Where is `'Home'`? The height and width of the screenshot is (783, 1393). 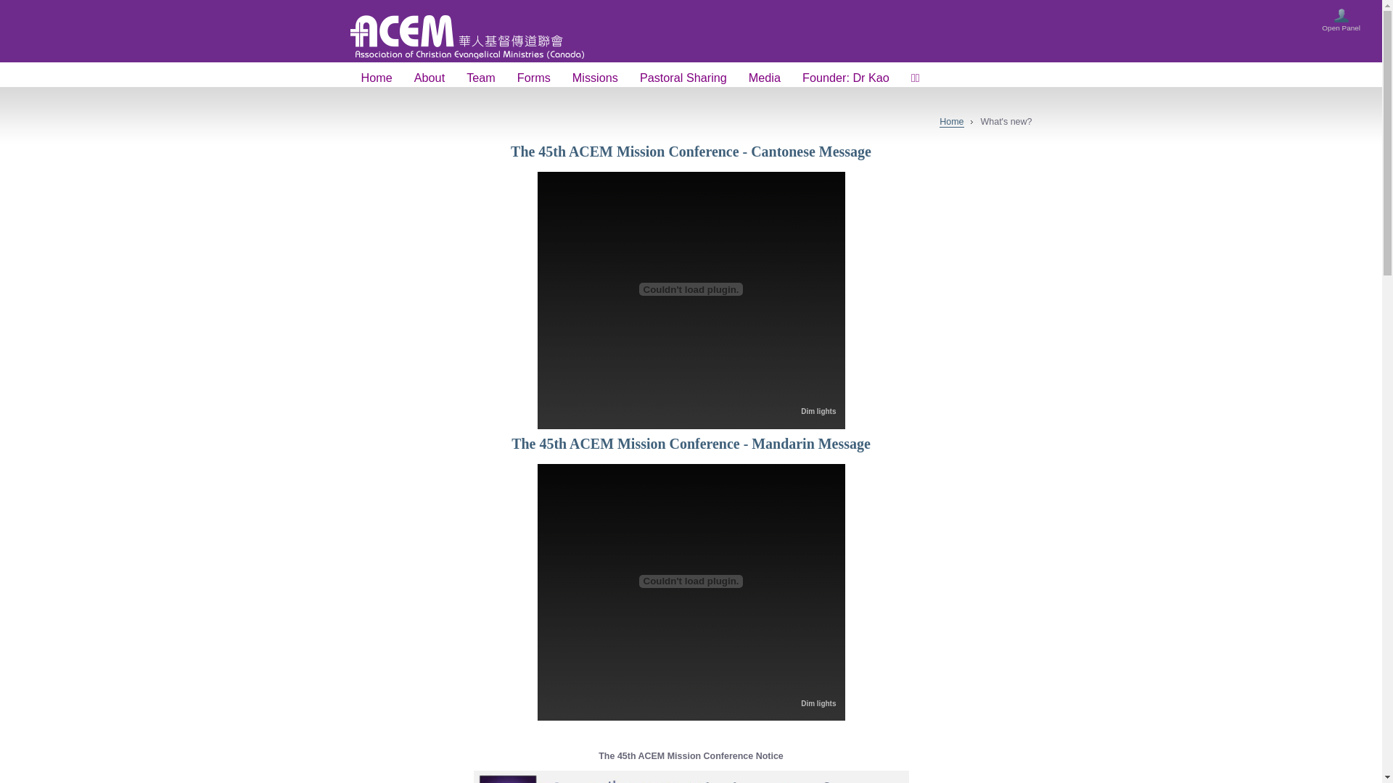
'Home' is located at coordinates (951, 121).